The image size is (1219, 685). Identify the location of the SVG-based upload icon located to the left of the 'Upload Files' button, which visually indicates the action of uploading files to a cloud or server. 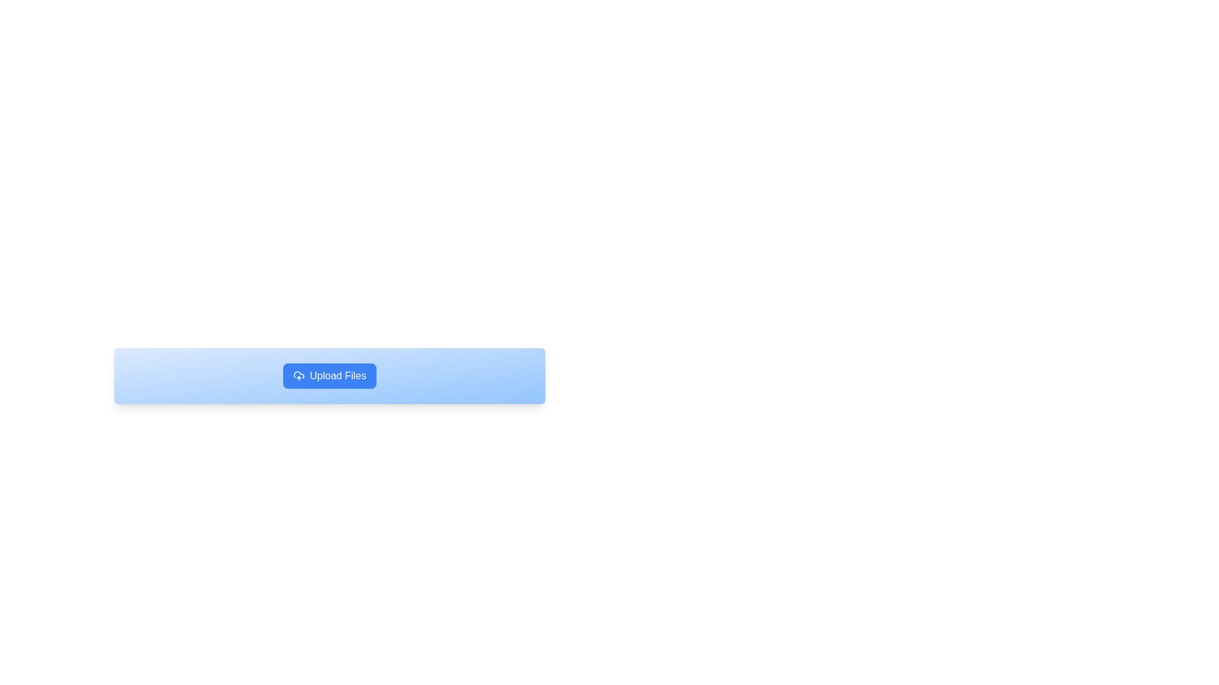
(298, 375).